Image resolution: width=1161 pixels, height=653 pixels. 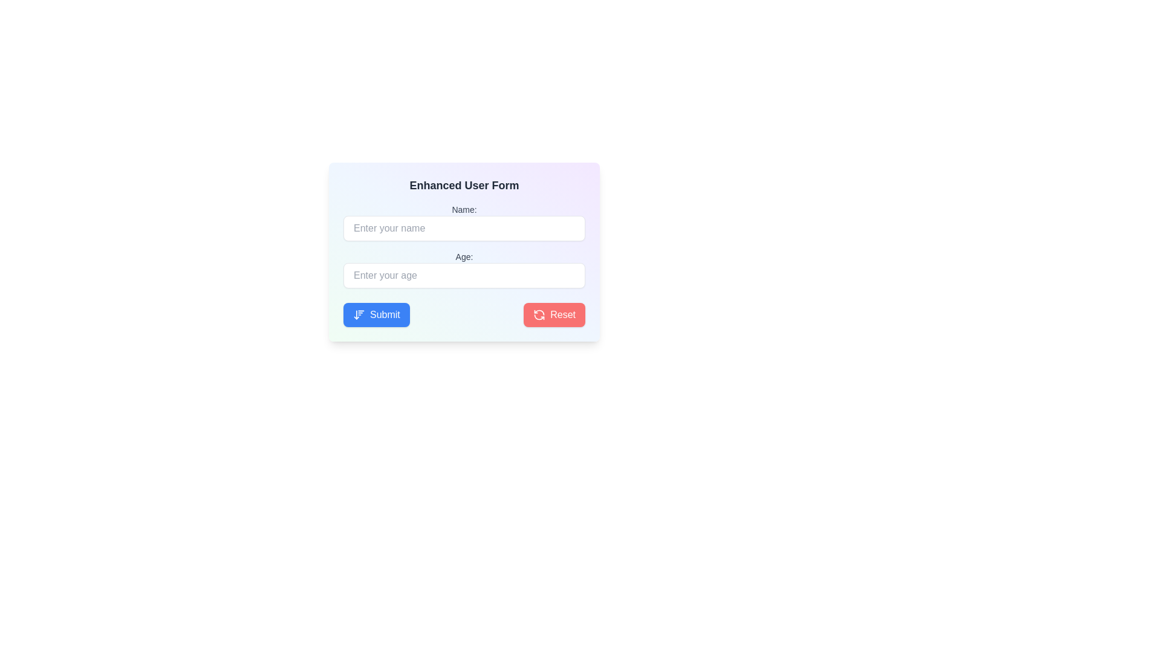 I want to click on the text label that provides context for the subsequent input field, located near the top part of the form below the main heading, so click(x=464, y=209).